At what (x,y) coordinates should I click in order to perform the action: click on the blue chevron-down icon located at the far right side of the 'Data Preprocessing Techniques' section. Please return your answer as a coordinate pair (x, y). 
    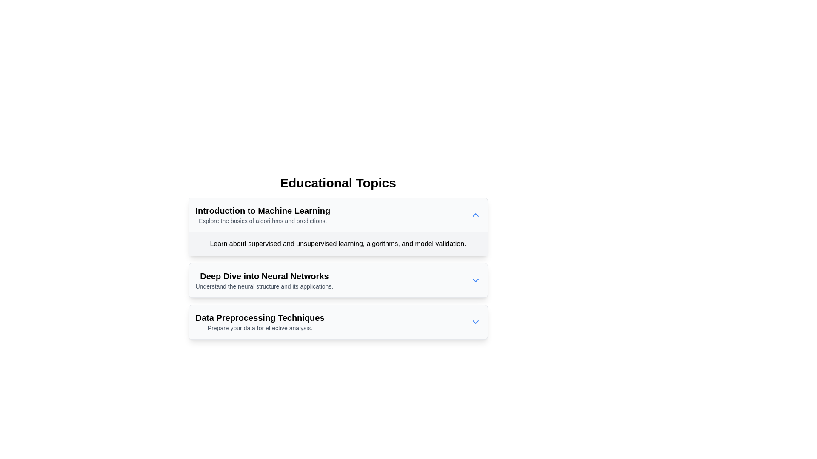
    Looking at the image, I should click on (475, 322).